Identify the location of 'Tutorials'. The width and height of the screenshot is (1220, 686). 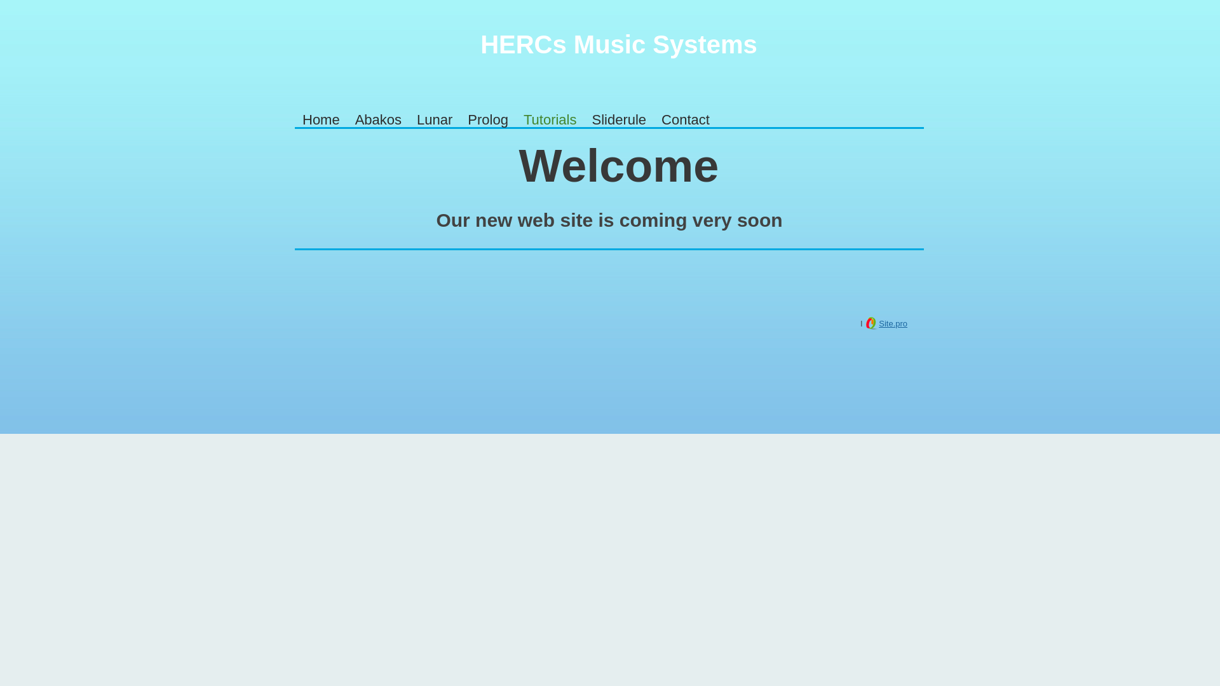
(550, 120).